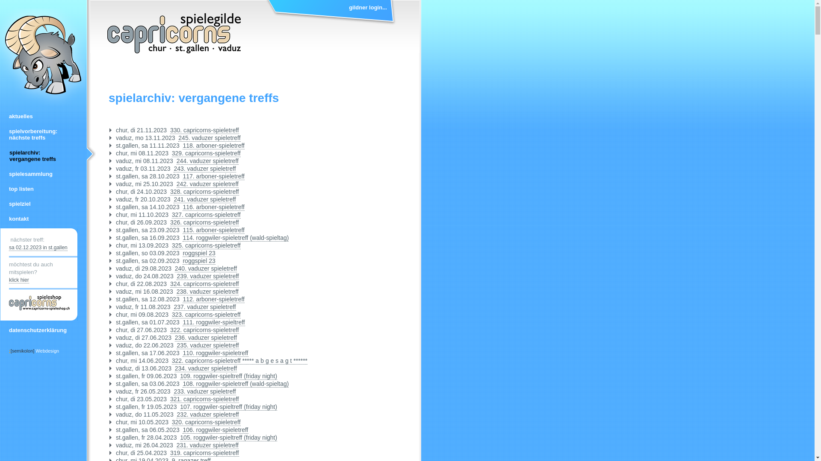  I want to click on '114. roggwiler-spieletreff (wald-spieltag)', so click(182, 238).